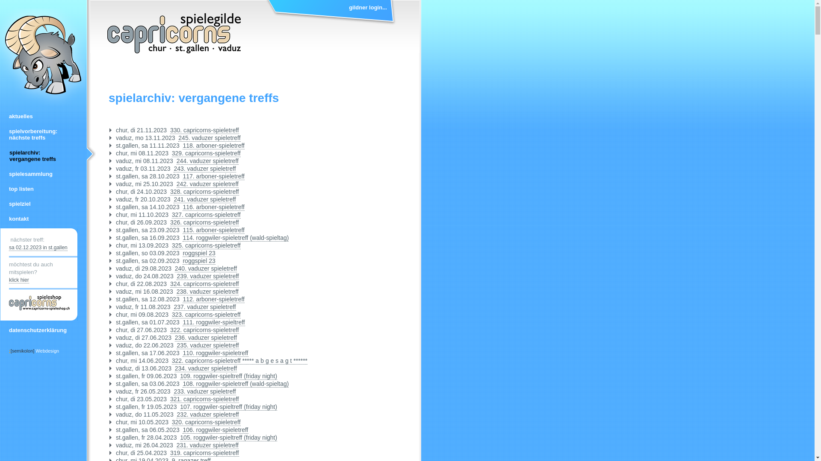  I want to click on '114. roggwiler-spieletreff (wald-spieltag)', so click(182, 238).